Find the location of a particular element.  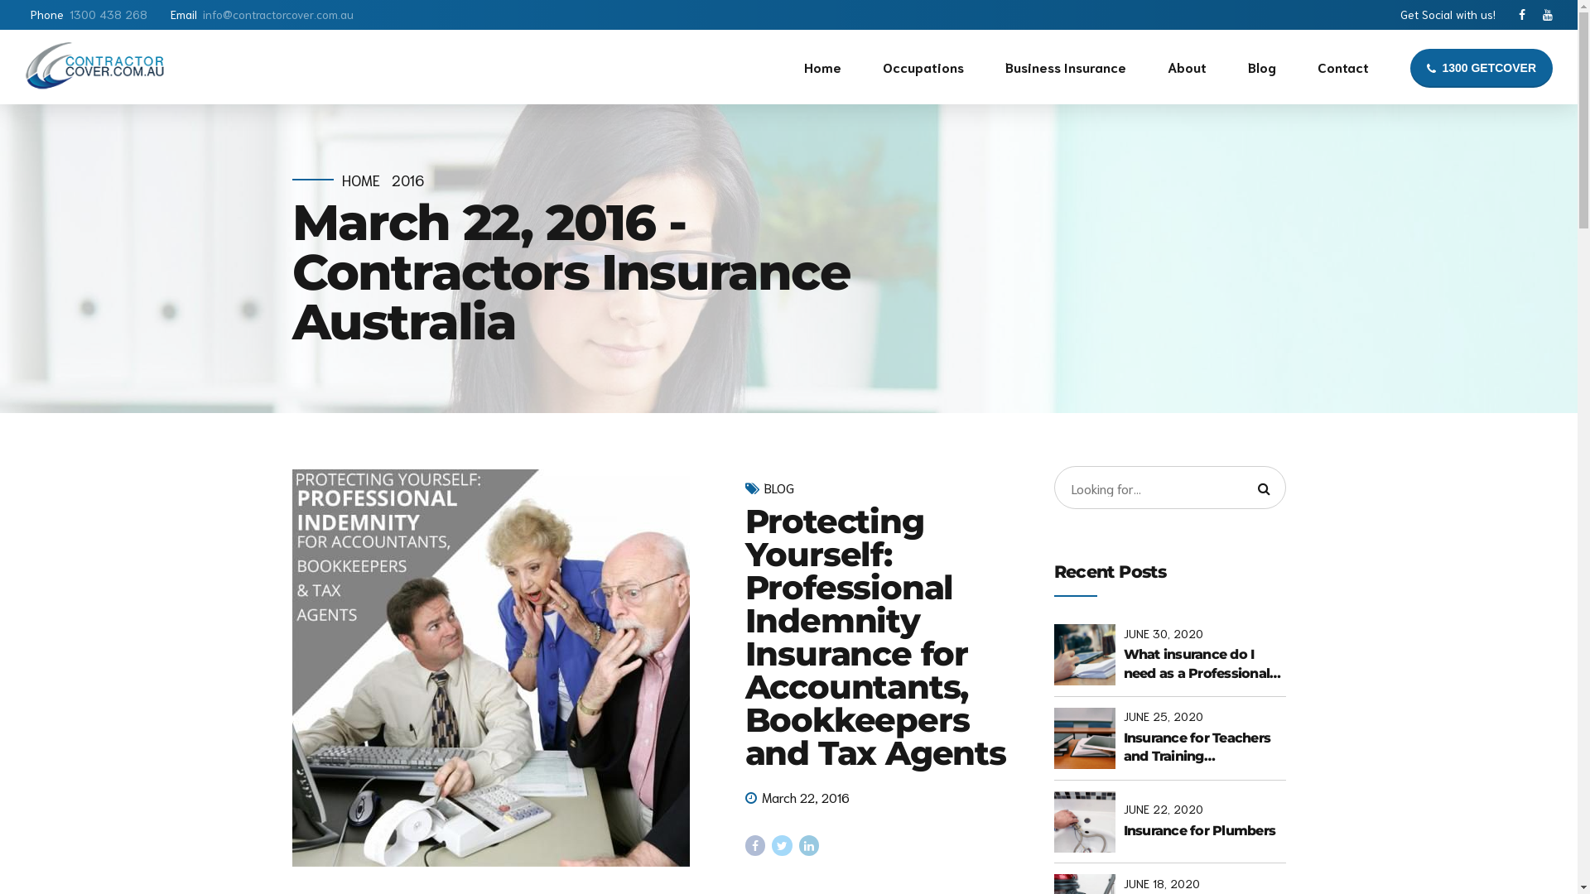

'Share on Linkedin' is located at coordinates (809, 845).